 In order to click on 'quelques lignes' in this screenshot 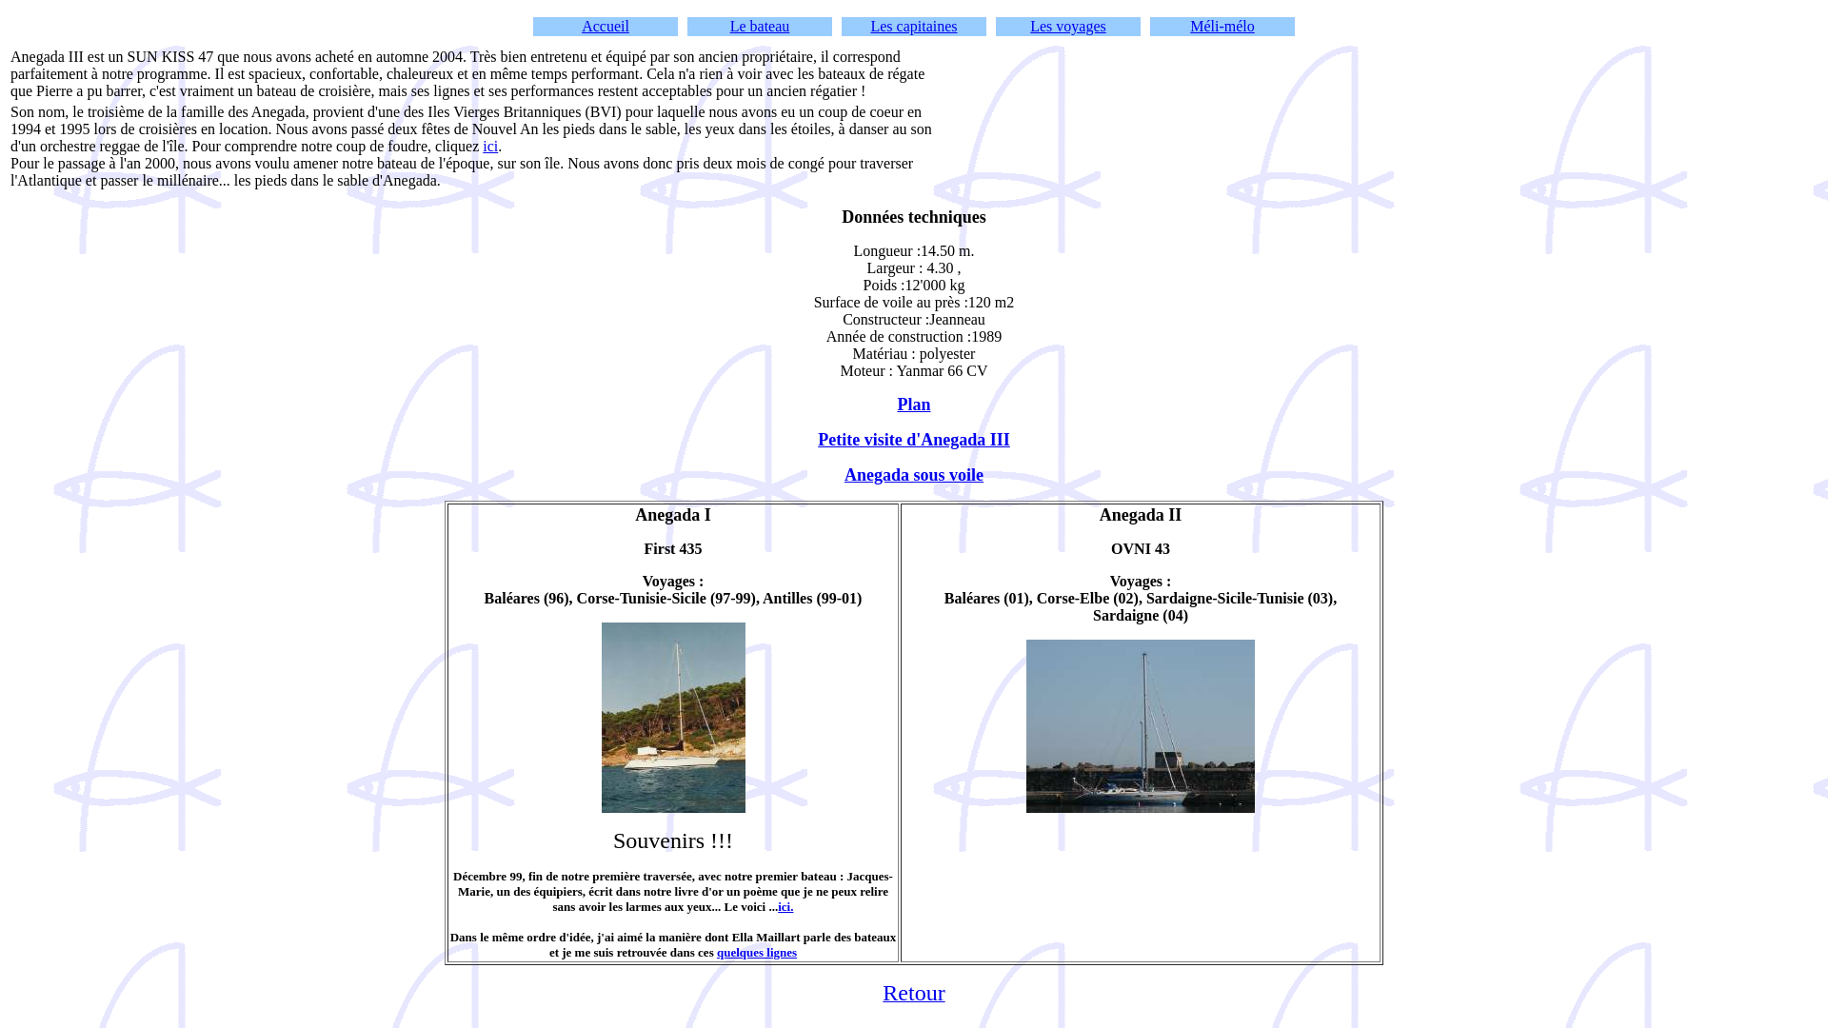, I will do `click(756, 952)`.